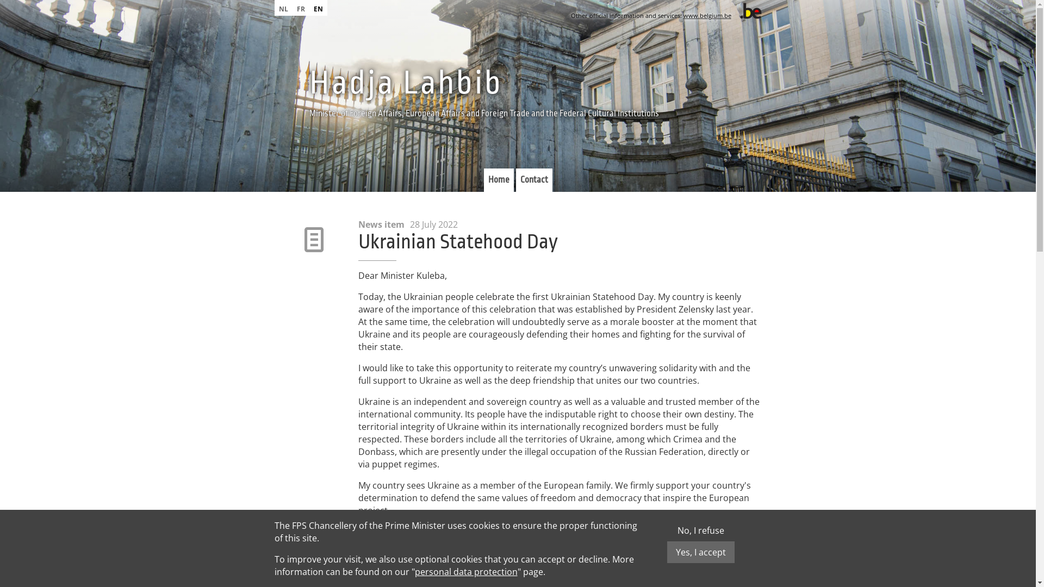 This screenshot has width=1044, height=587. Describe the element at coordinates (707, 15) in the screenshot. I see `'www.belgium.be'` at that location.